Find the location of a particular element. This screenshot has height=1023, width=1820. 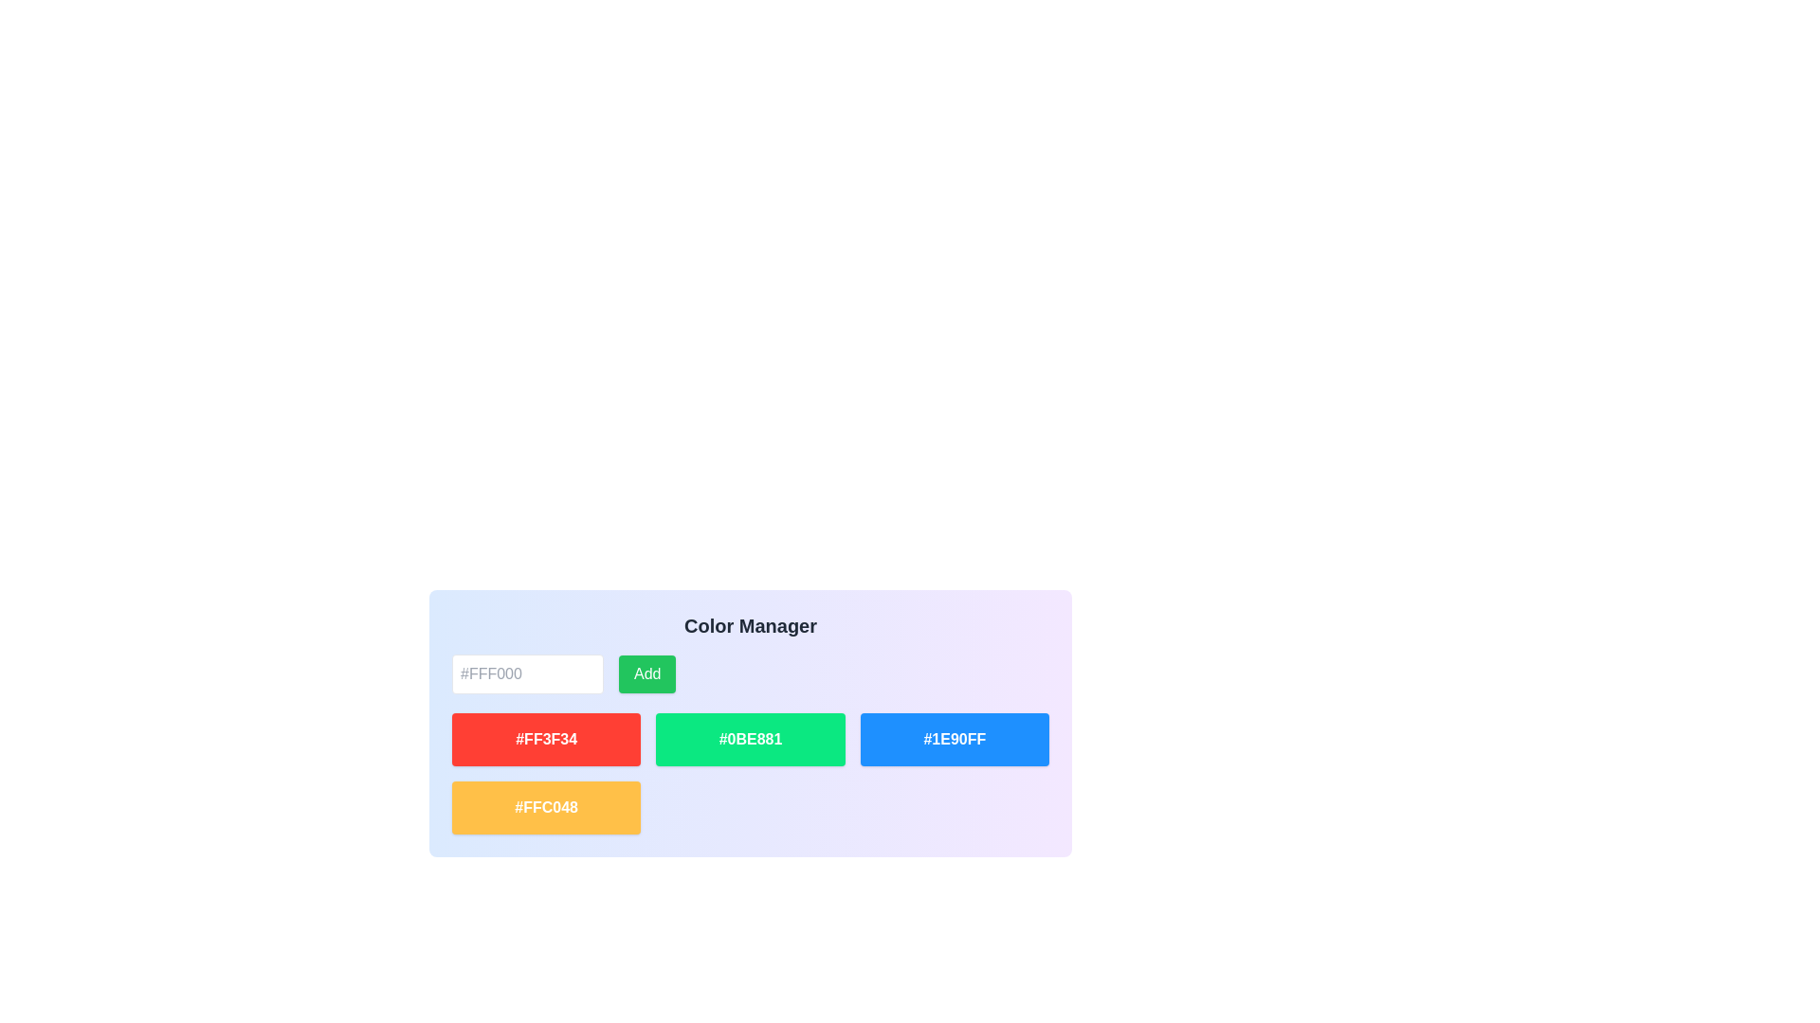

the Color swatch component with a bright red background displaying the hexadecimal value '#FF3F34' is located at coordinates (545, 738).